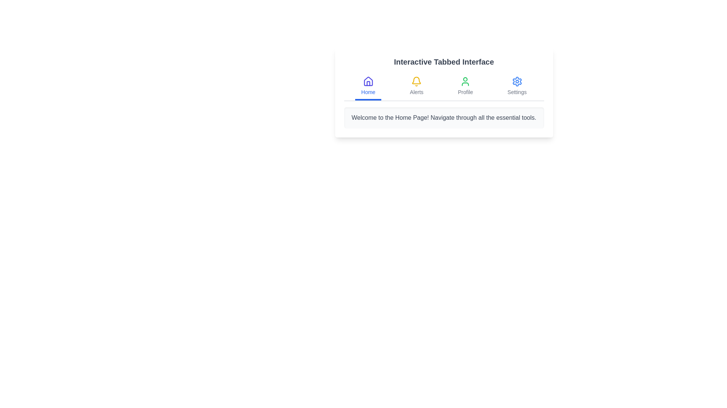 The width and height of the screenshot is (727, 408). What do you see at coordinates (465, 87) in the screenshot?
I see `the tab labeled Profile` at bounding box center [465, 87].